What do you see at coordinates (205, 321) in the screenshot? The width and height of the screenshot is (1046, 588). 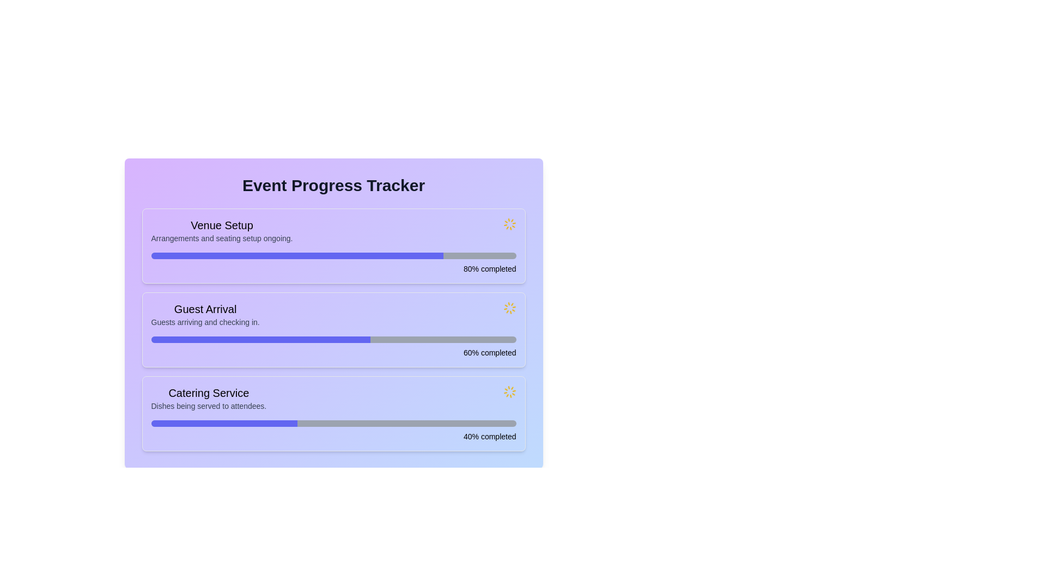 I see `text label displaying 'Guests arriving and checking in.' which is styled in gray and located below the 'Guest Arrival' section header` at bounding box center [205, 321].